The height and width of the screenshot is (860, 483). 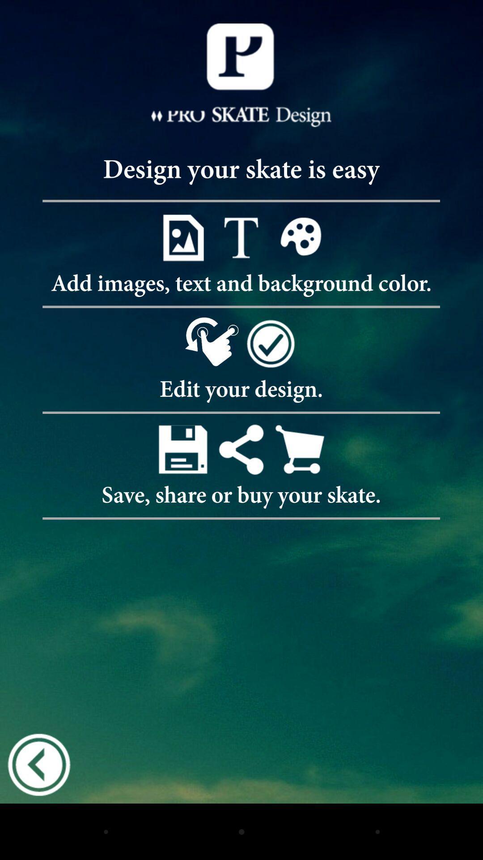 What do you see at coordinates (300, 449) in the screenshot?
I see `check out cart` at bounding box center [300, 449].